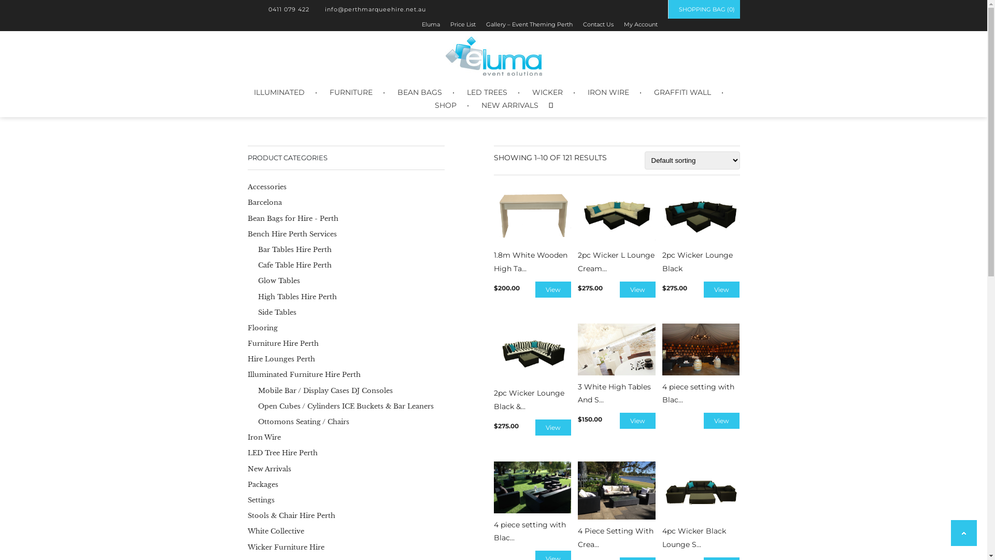 This screenshot has width=995, height=560. Describe the element at coordinates (294, 249) in the screenshot. I see `'Bar Tables Hire Perth'` at that location.